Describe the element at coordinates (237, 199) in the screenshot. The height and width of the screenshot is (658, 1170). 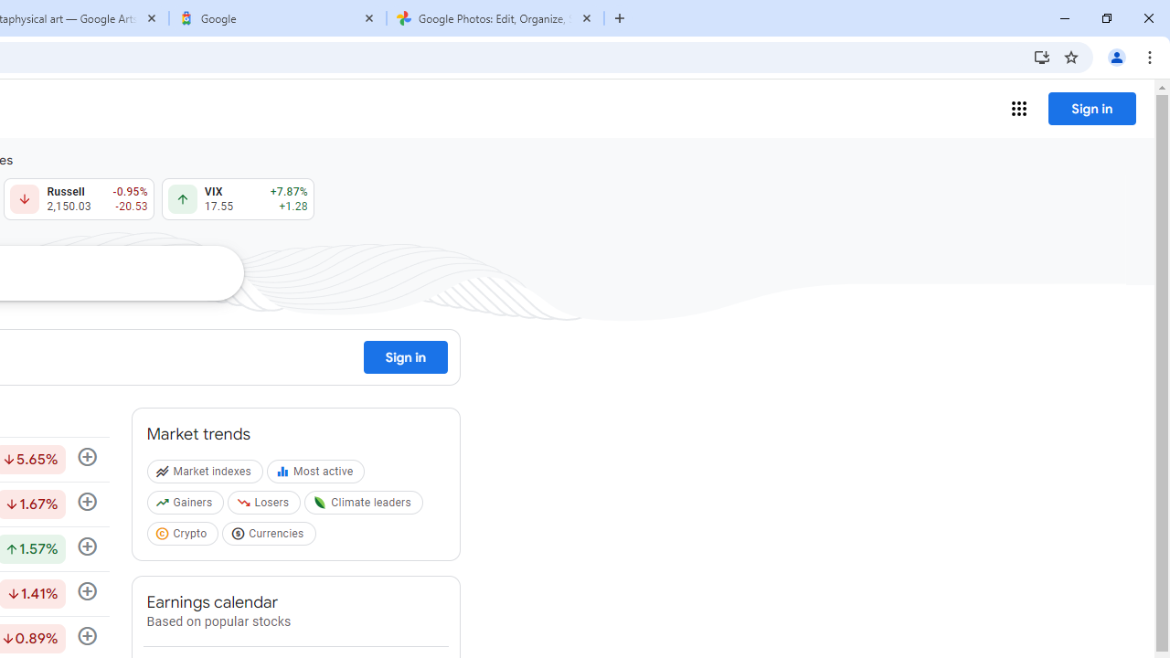
I see `'VIX 17.55 Up by 7.87% +1.28'` at that location.